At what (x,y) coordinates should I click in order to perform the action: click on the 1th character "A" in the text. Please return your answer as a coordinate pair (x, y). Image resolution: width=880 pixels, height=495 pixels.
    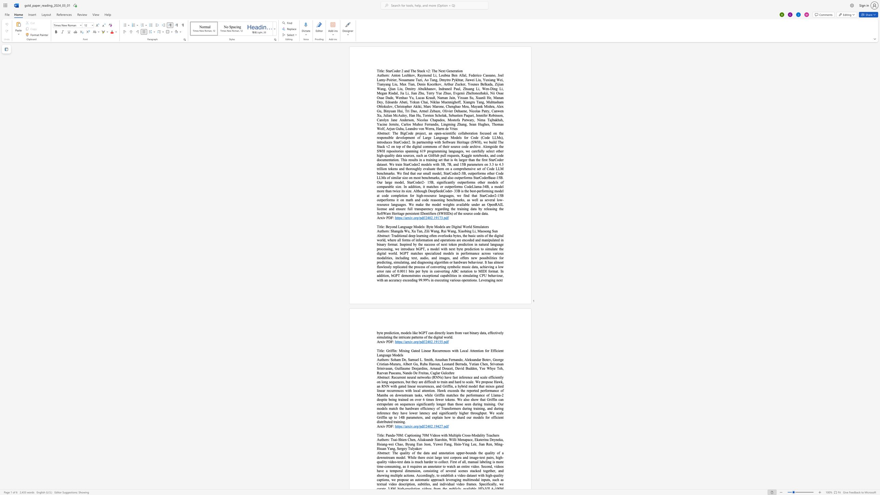
    Looking at the image, I should click on (378, 453).